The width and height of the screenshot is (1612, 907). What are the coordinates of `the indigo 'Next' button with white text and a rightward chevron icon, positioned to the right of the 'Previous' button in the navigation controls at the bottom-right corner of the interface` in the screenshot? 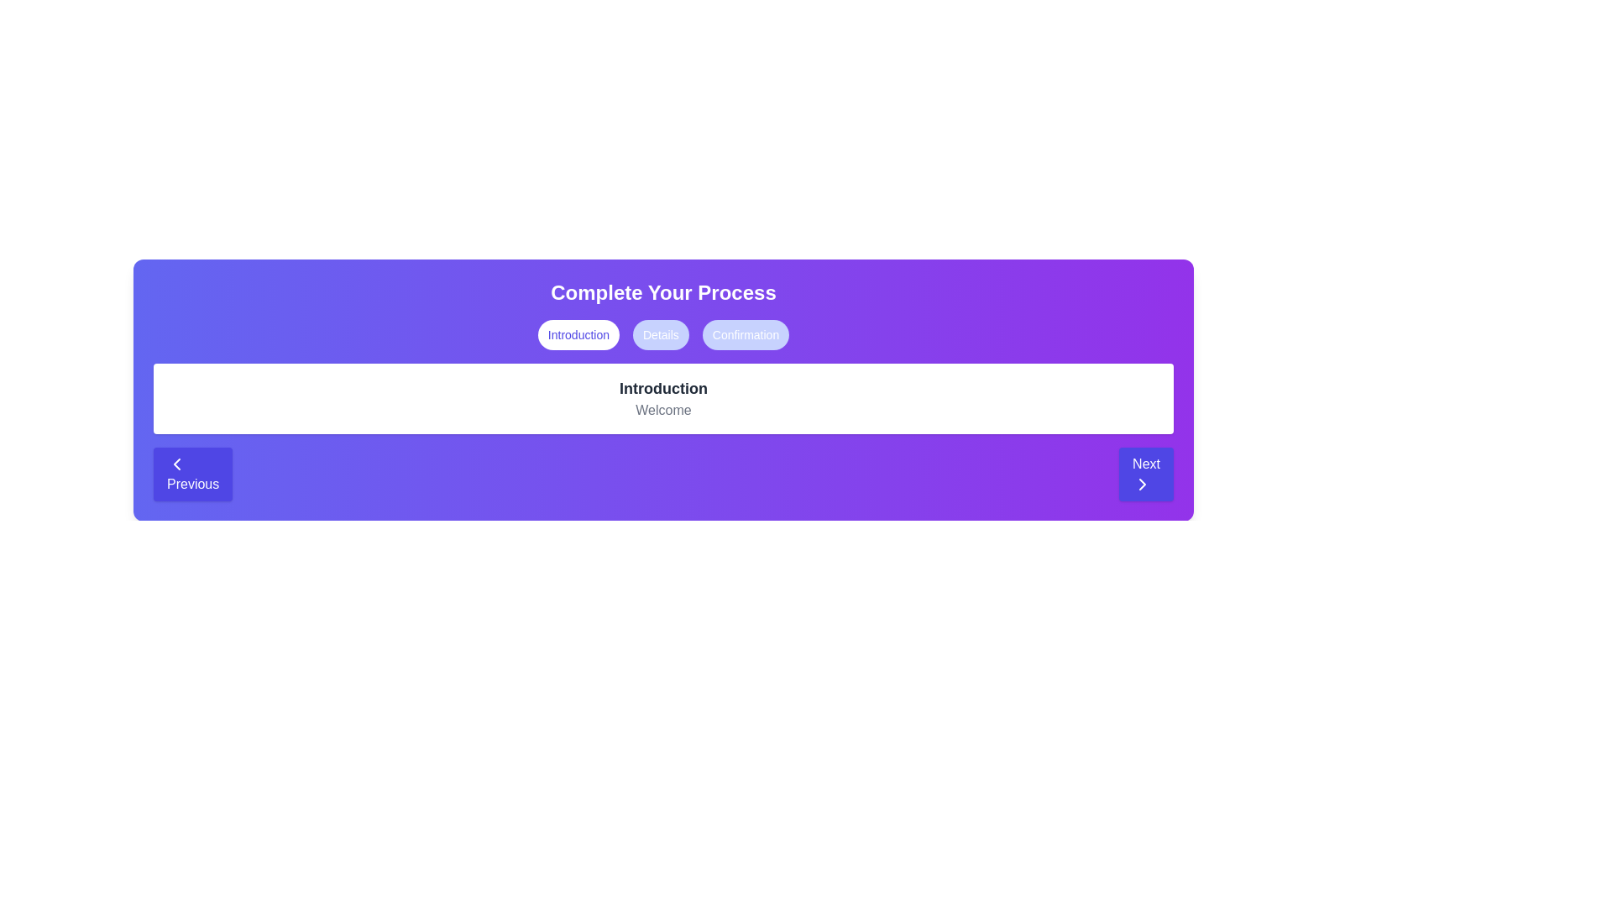 It's located at (1145, 474).